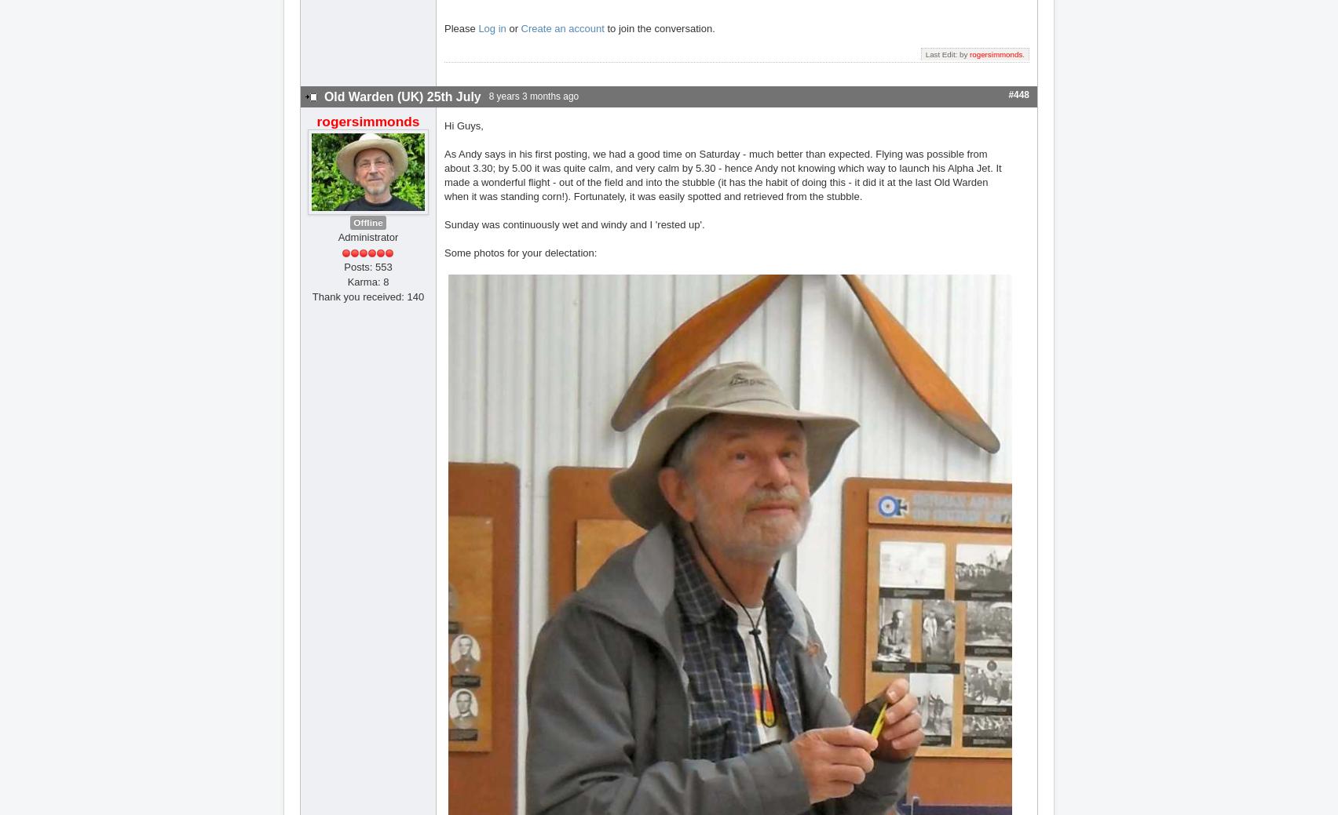  I want to click on 'Offline', so click(367, 222).